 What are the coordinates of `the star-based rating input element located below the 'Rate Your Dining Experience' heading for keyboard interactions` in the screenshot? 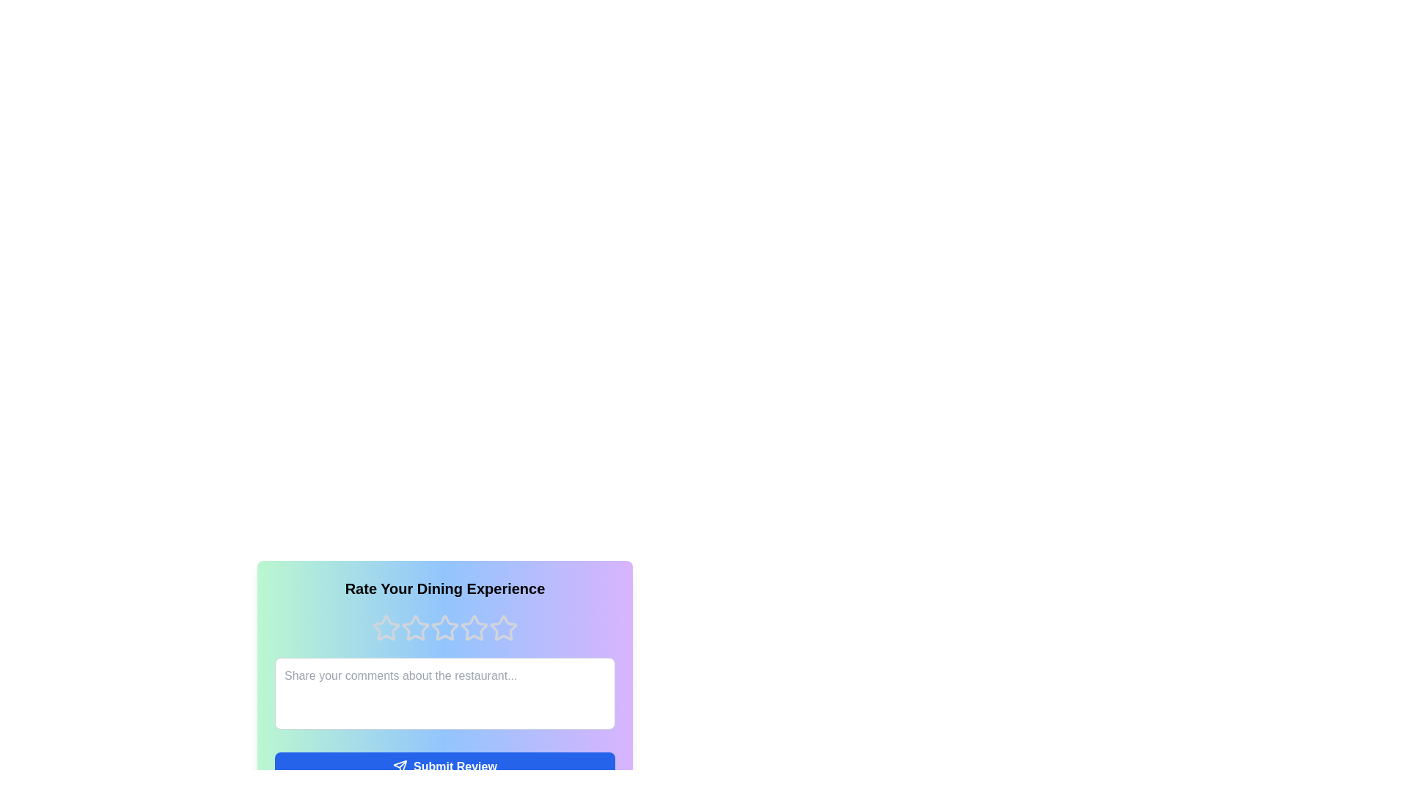 It's located at (444, 627).